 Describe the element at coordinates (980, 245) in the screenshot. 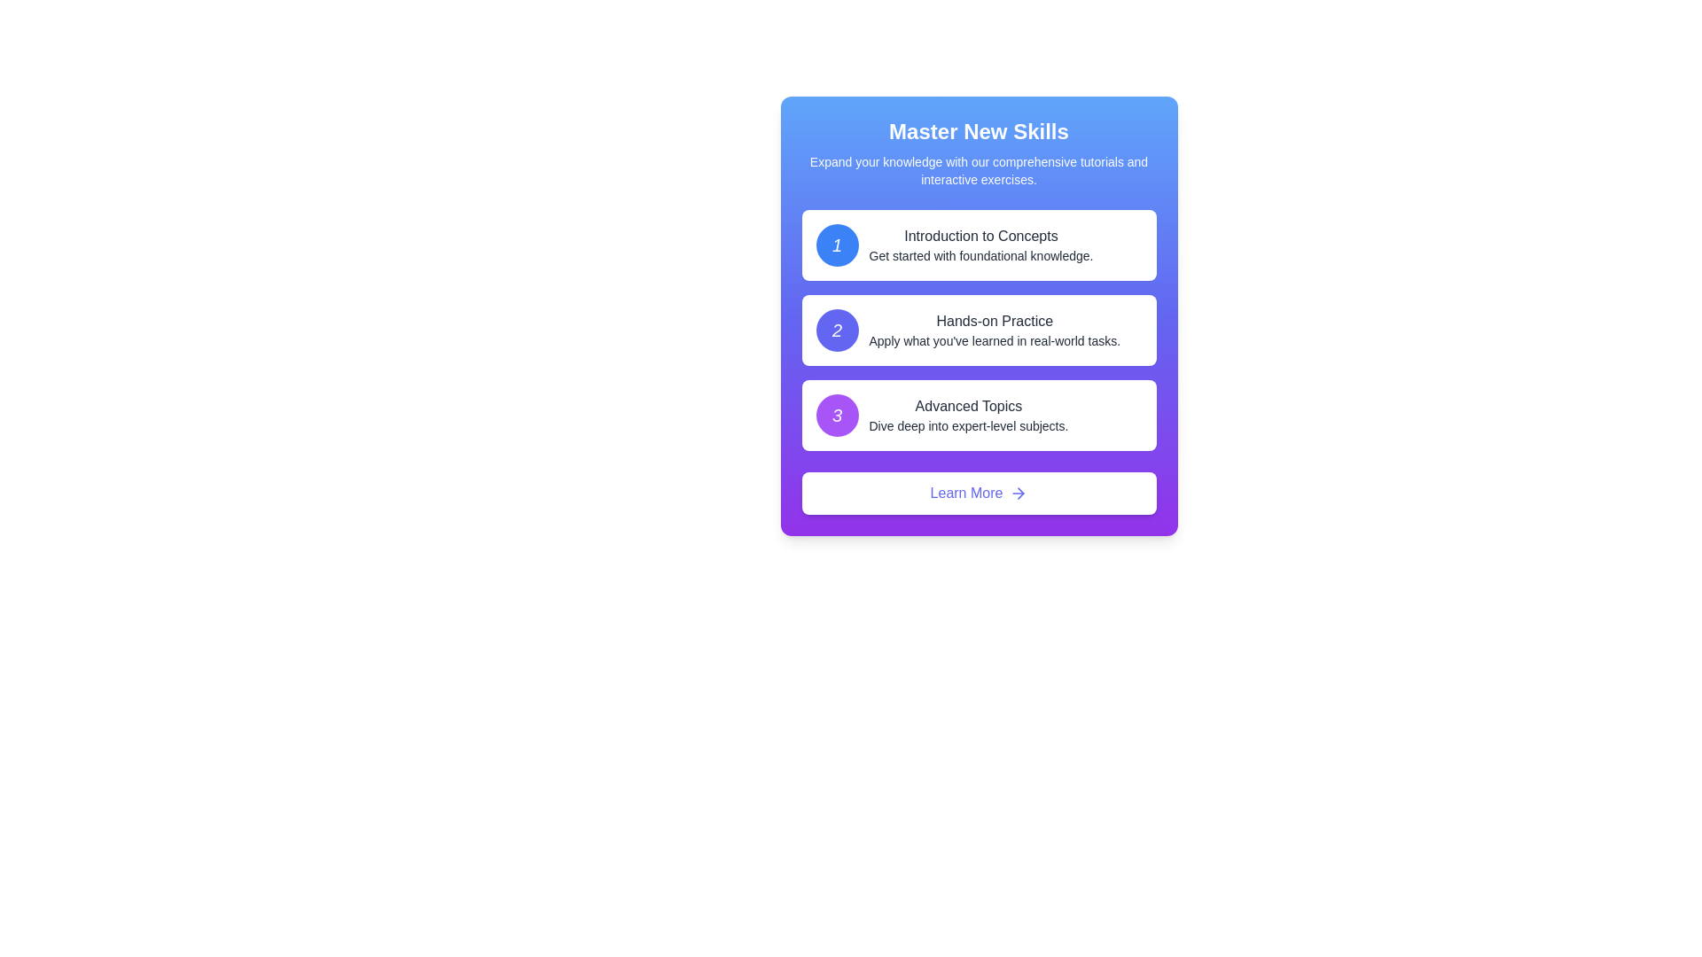

I see `the text display element that shows 'Introduction to Concepts' and 'Get started with foundational knowledge.' which is the first item in a vertically arranged list with a blue circular background containing the number '1'` at that location.